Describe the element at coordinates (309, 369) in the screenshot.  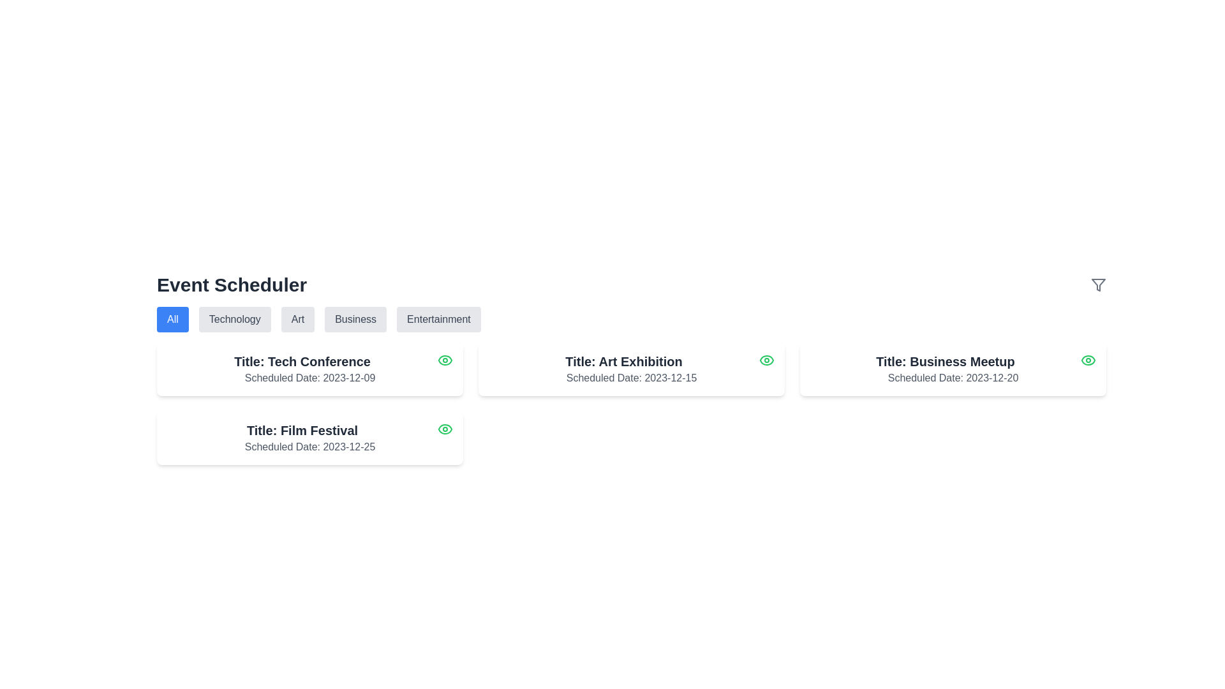
I see `the event card component titled 'Tech Conference', which is the first card in the grid layout of the scheduler application` at that location.